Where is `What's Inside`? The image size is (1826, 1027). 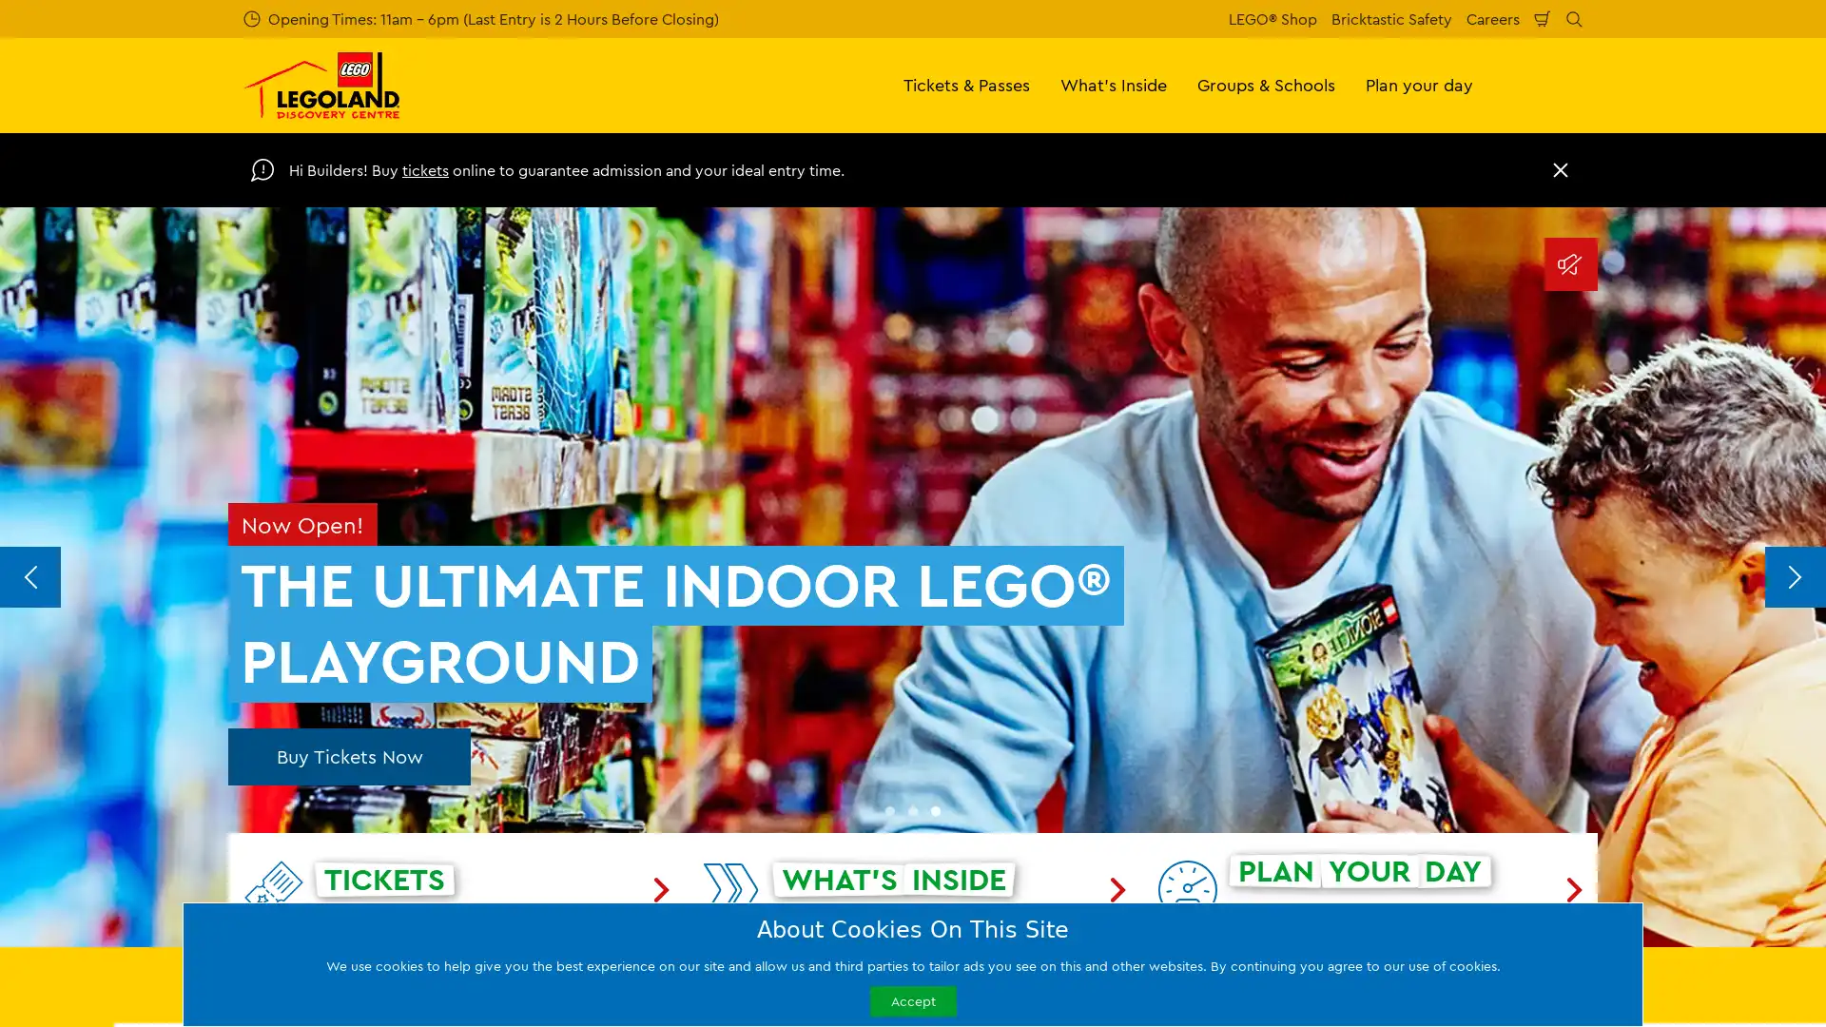 What's Inside is located at coordinates (1114, 84).